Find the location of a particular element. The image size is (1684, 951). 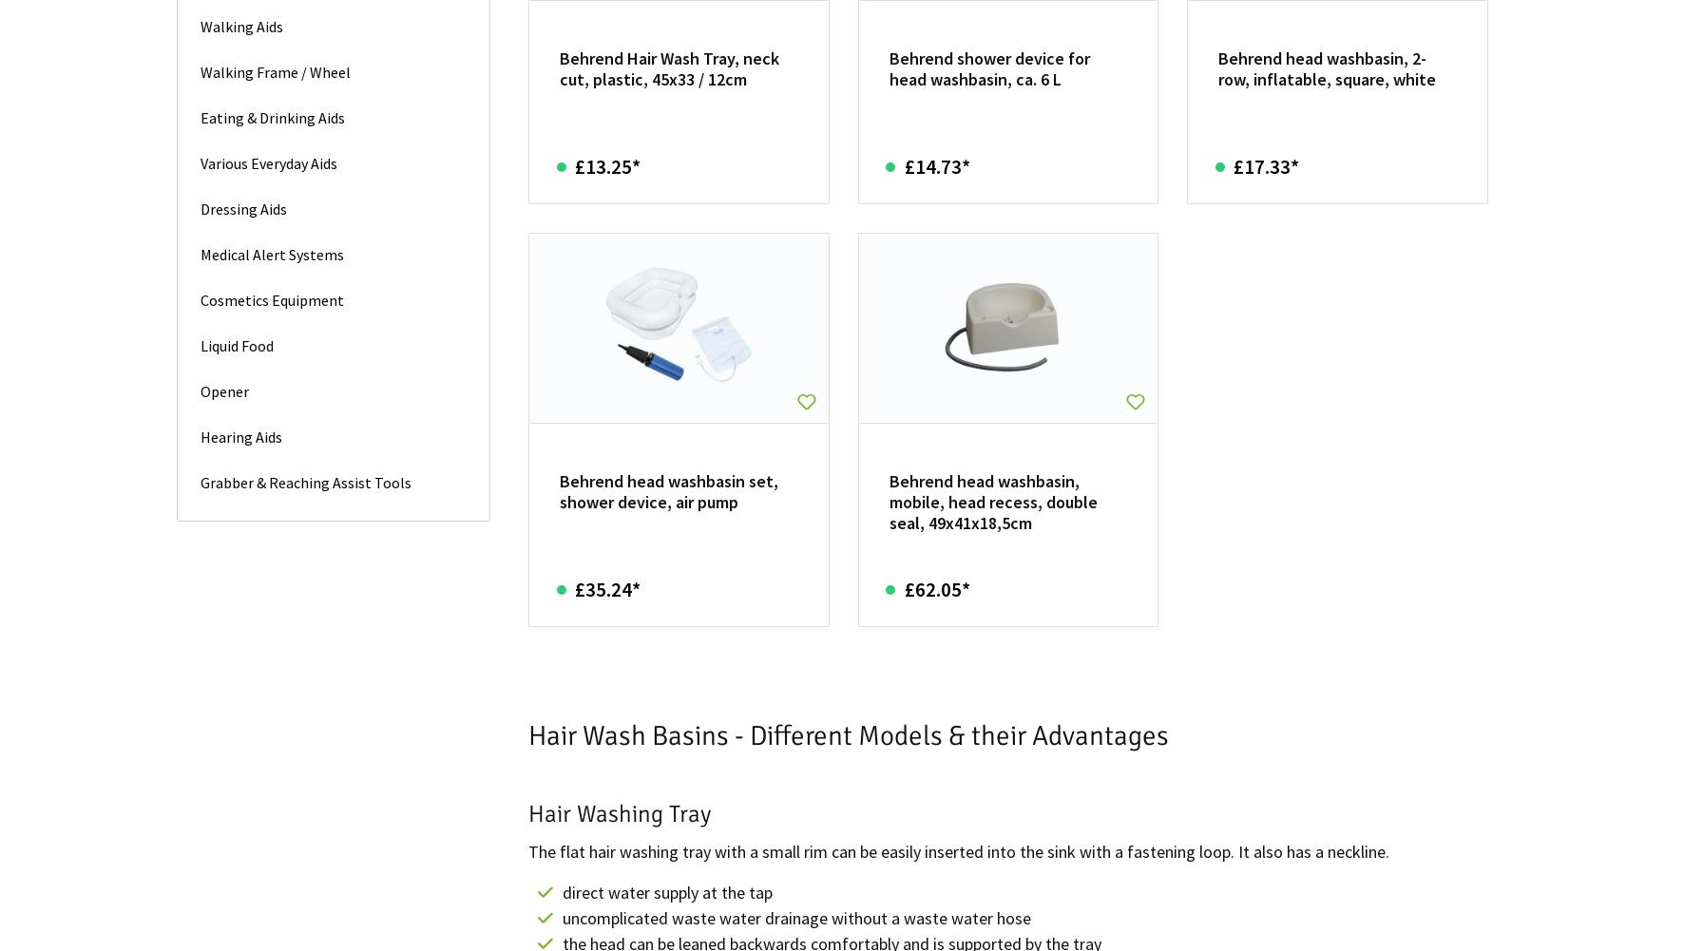

'Liquid Food' is located at coordinates (236, 343).